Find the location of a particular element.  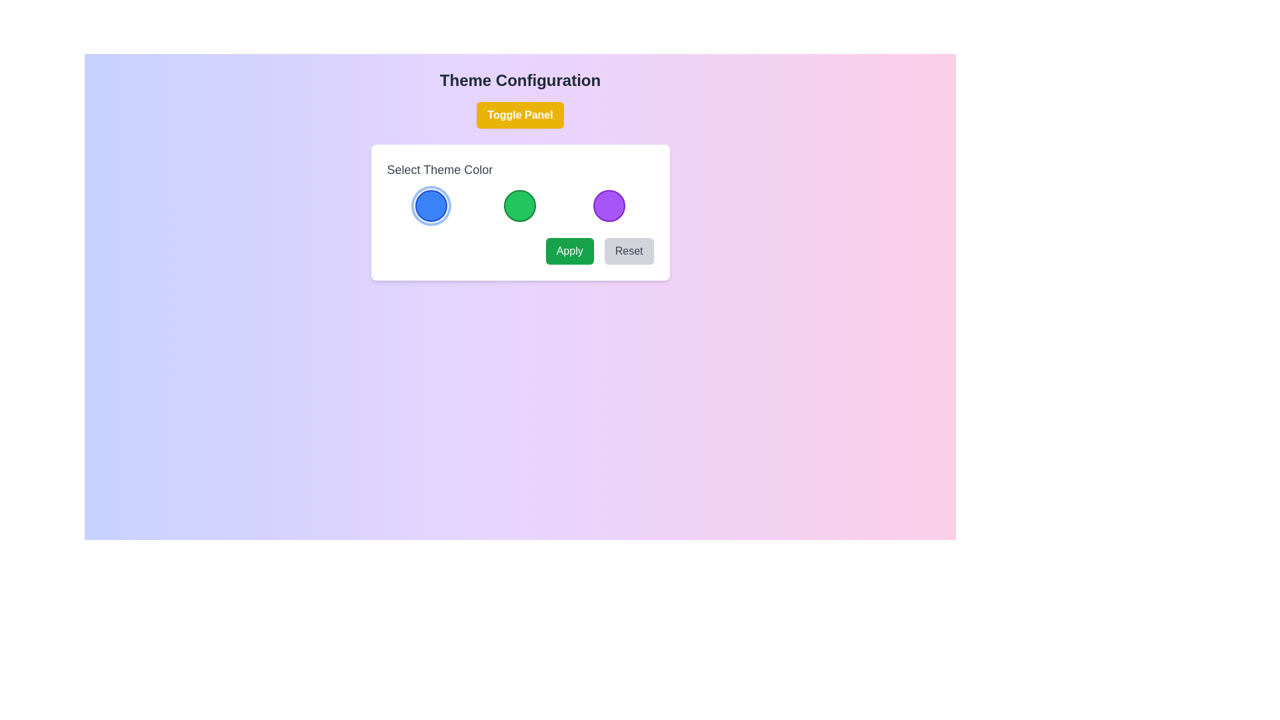

the leftmost circular button that serves as a selectable color option is located at coordinates (431, 205).